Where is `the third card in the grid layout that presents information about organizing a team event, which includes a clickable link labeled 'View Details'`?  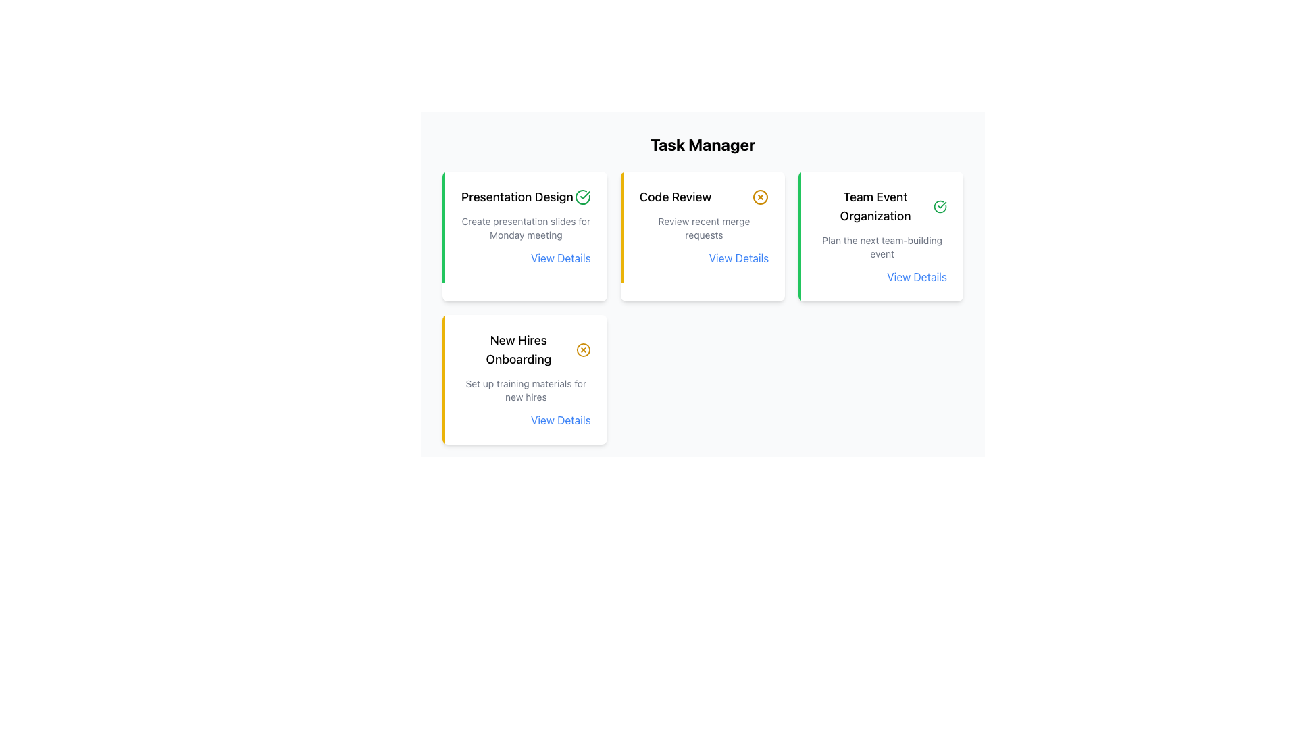
the third card in the grid layout that presents information about organizing a team event, which includes a clickable link labeled 'View Details' is located at coordinates (881, 236).